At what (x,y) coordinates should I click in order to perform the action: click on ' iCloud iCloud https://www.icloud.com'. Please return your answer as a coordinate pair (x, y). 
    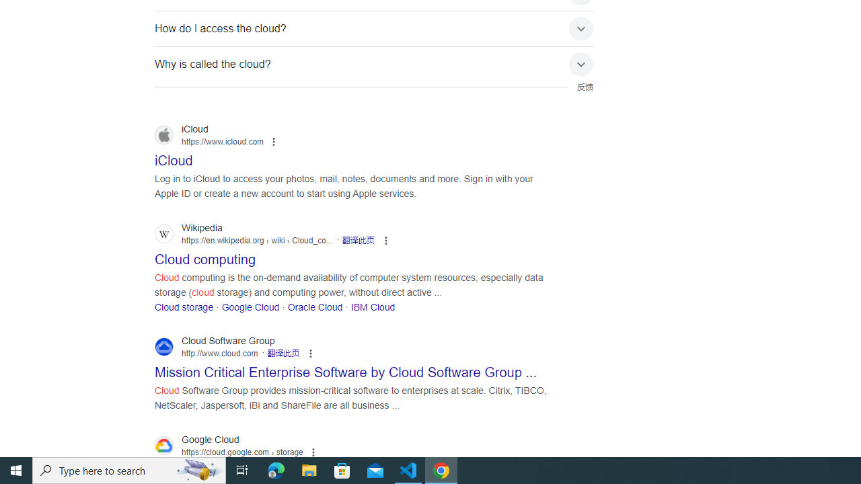
    Looking at the image, I should click on (173, 156).